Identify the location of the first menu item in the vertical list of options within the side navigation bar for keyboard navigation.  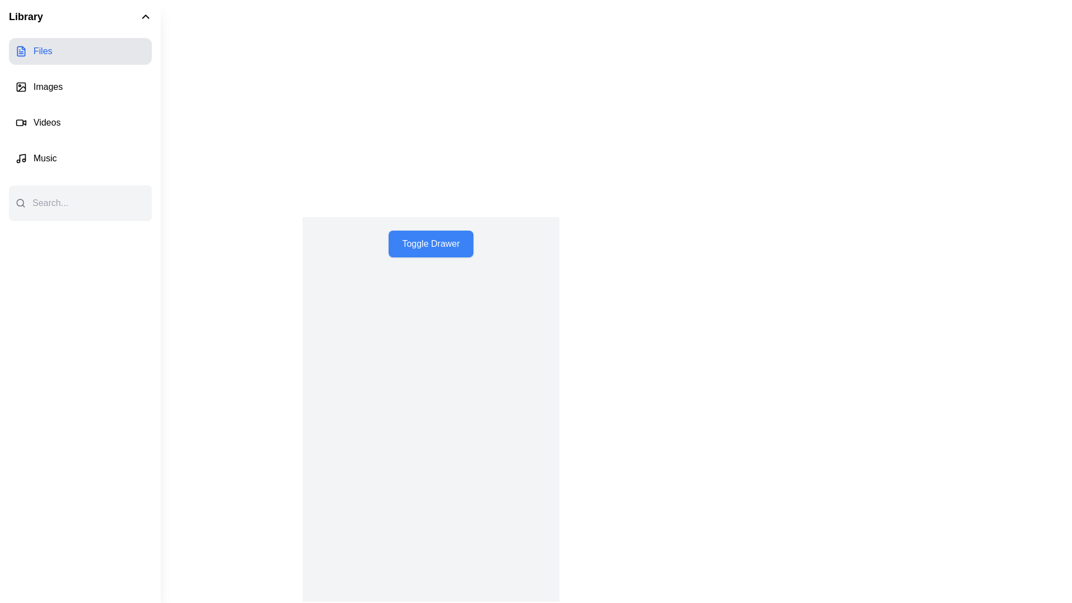
(80, 51).